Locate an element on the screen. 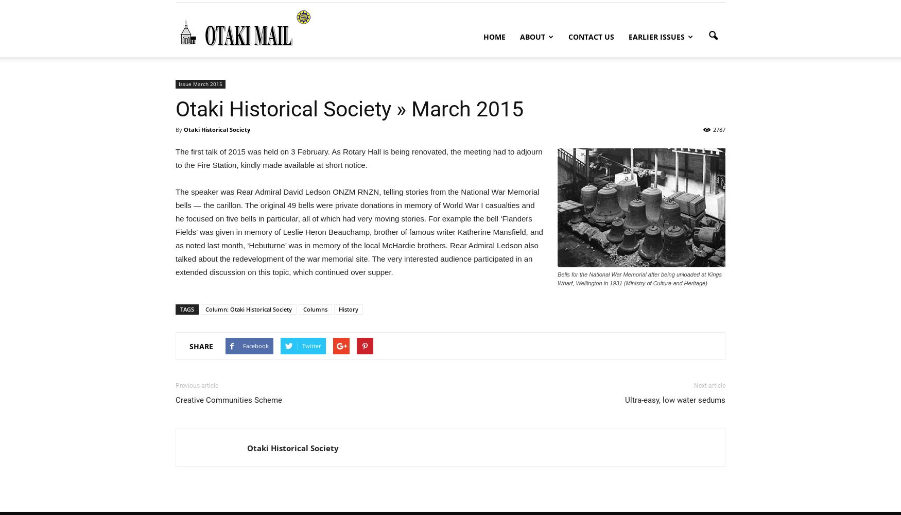  'Creative Communities Scheme' is located at coordinates (229, 400).